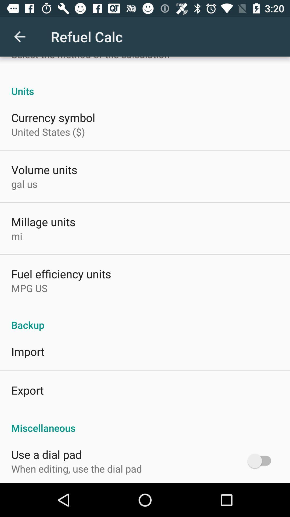  I want to click on the icon below the gal us app, so click(43, 222).